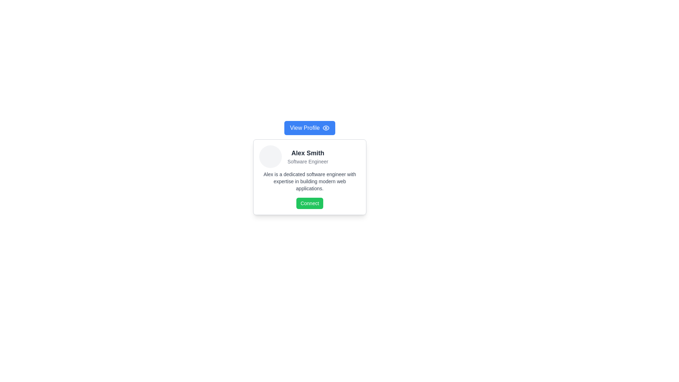 The image size is (679, 382). What do you see at coordinates (309, 156) in the screenshot?
I see `the Profile header displaying the user's name and job title by moving the cursor to its center for reading` at bounding box center [309, 156].